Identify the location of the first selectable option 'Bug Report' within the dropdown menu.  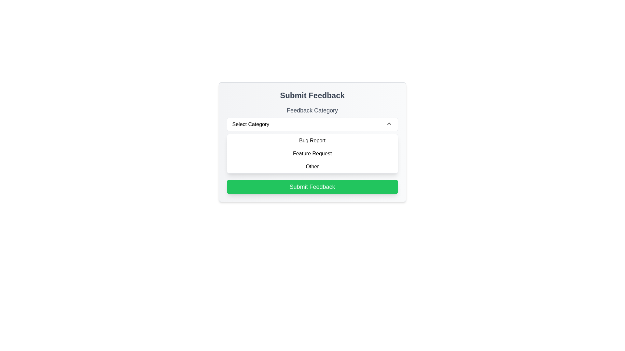
(312, 140).